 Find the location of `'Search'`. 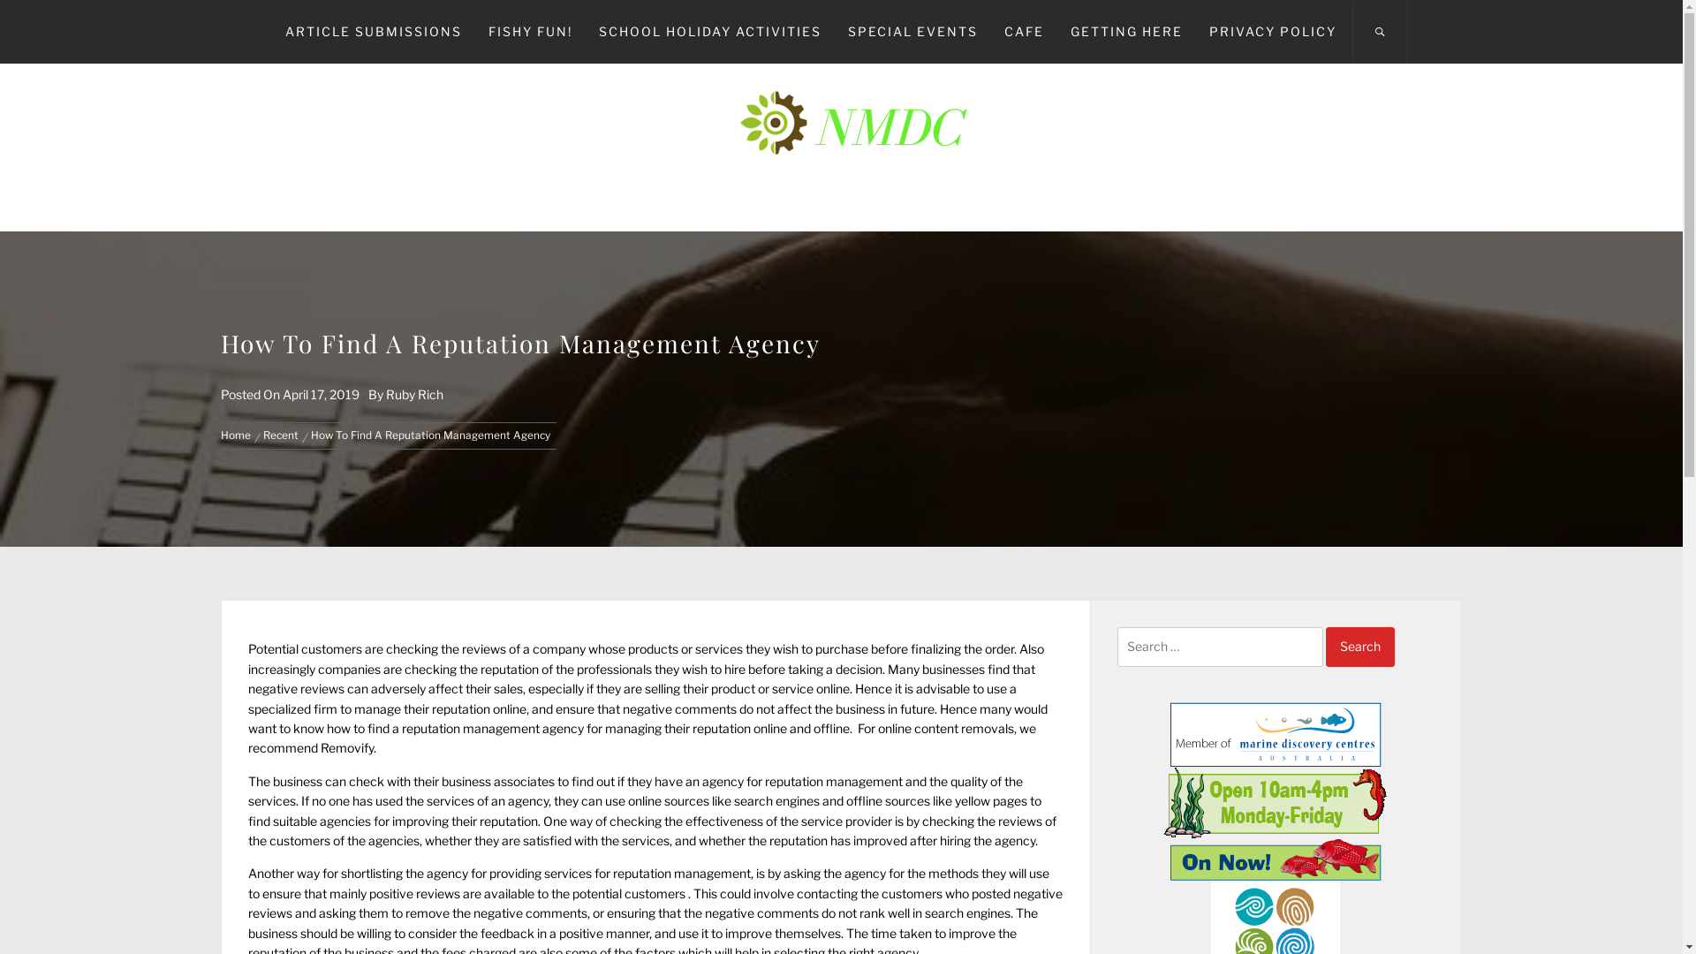

'Search' is located at coordinates (927, 473).